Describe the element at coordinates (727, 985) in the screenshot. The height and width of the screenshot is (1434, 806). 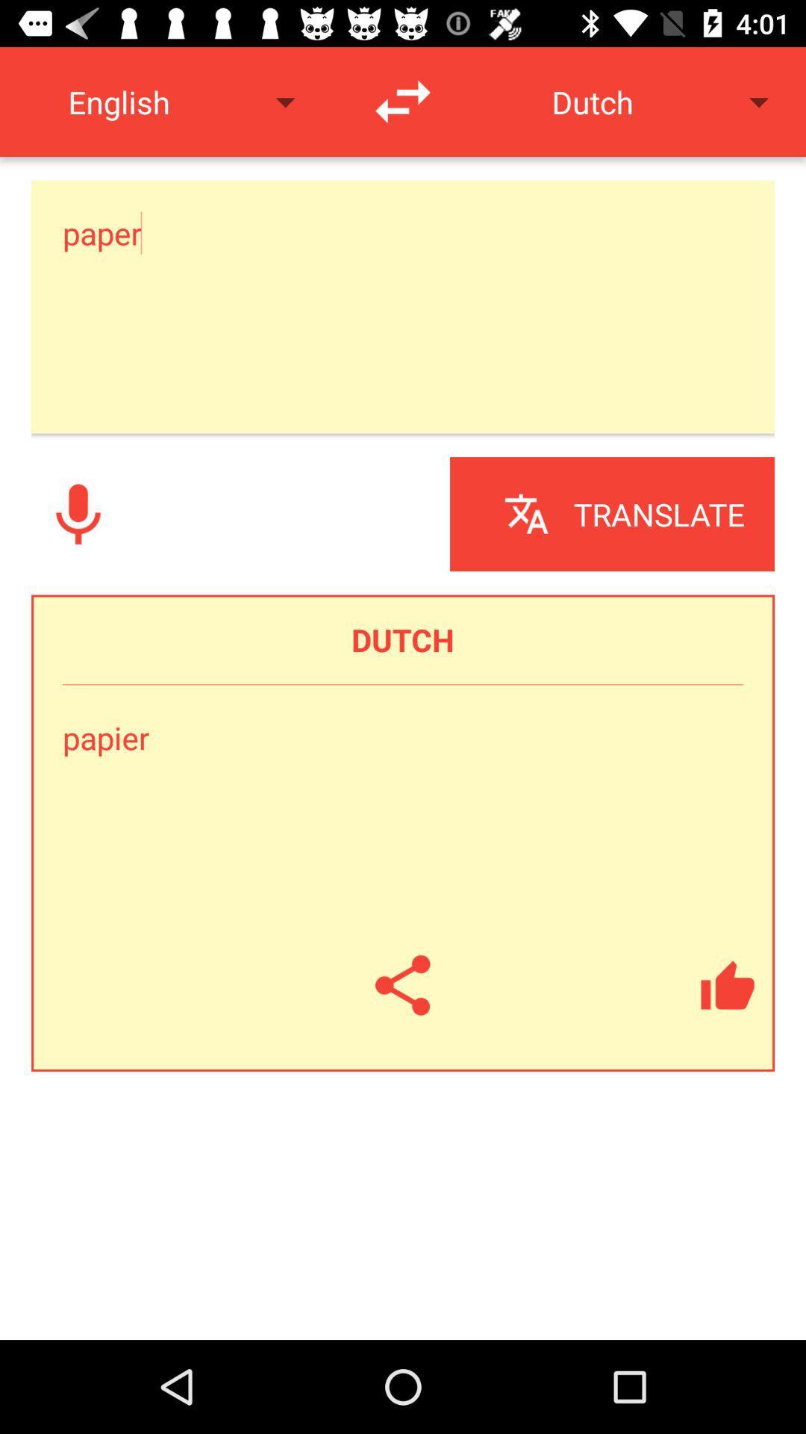
I see `like the content` at that location.